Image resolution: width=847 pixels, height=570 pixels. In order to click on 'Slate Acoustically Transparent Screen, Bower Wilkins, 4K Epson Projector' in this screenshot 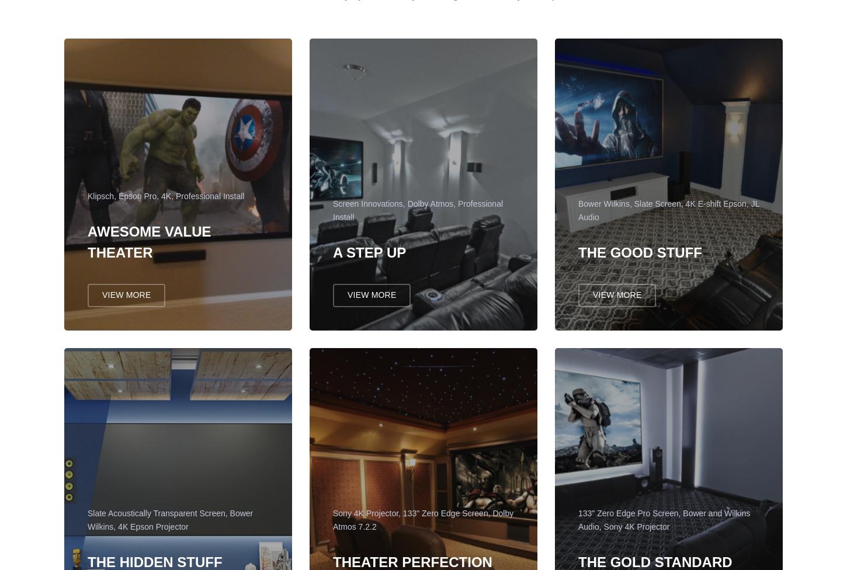, I will do `click(86, 525)`.